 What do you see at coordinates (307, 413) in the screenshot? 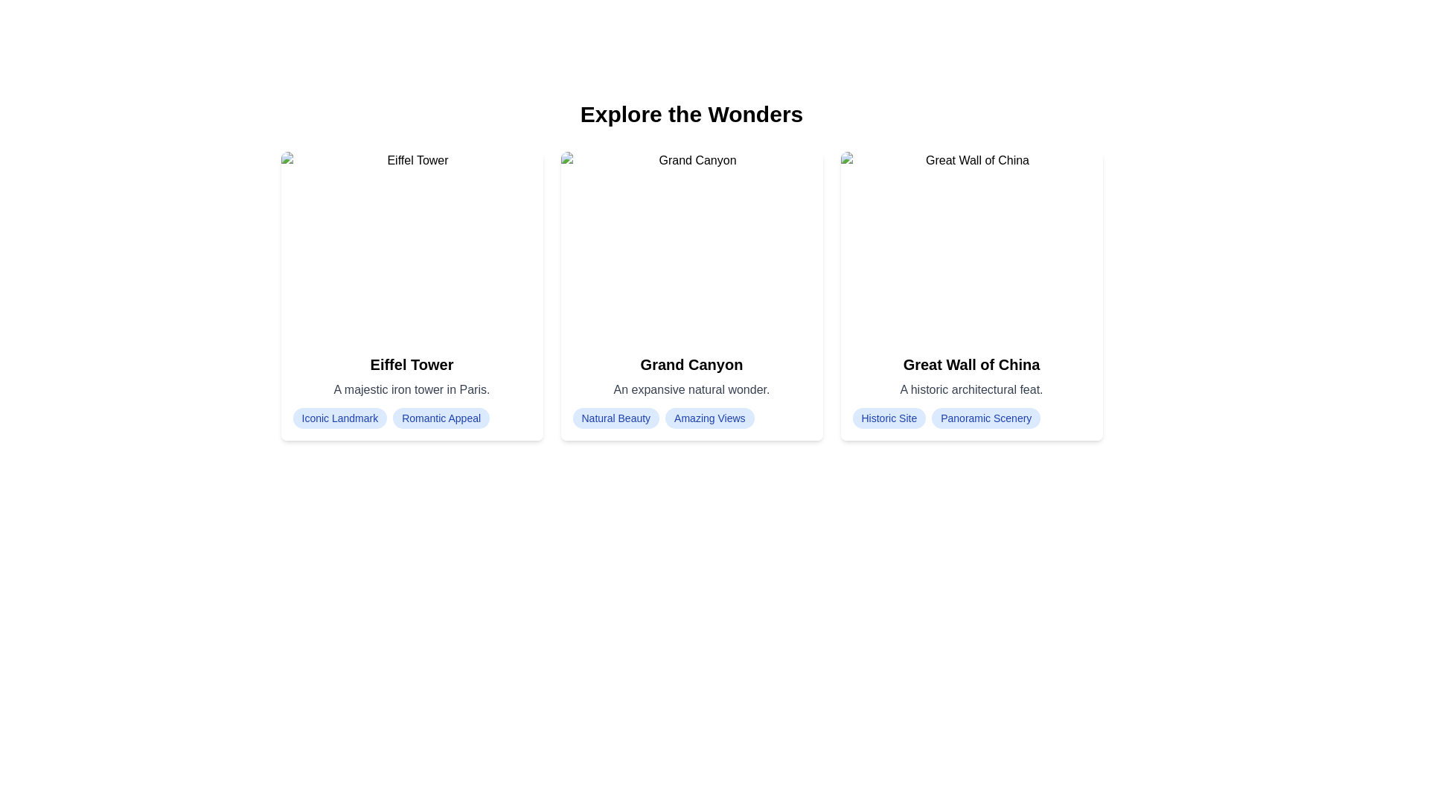
I see `the heart icon located in the lower-left corner of the Eiffel Tower card under the 'Explore the Wonders' section` at bounding box center [307, 413].